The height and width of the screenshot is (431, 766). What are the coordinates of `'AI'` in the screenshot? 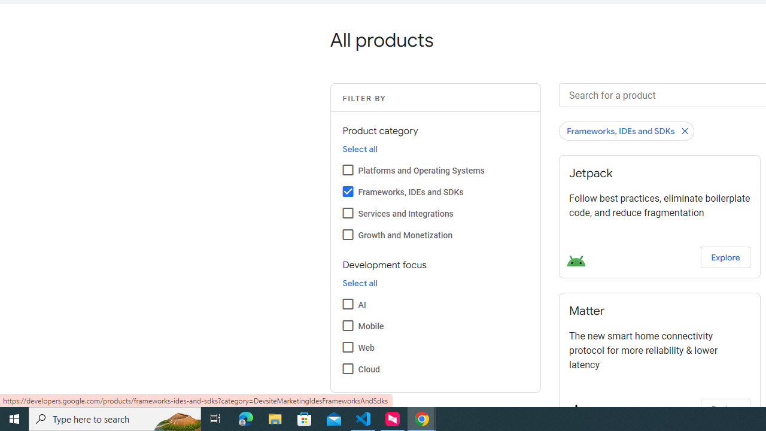 It's located at (347, 303).